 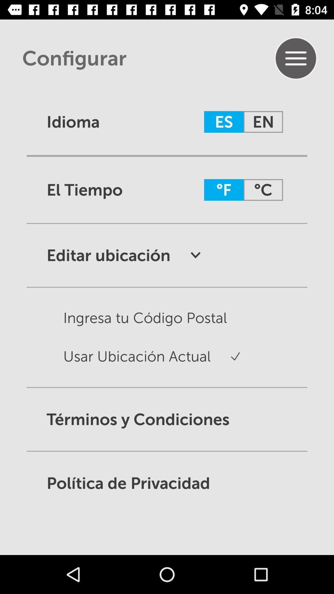 I want to click on drop down symbol after editar ubicacion, so click(x=185, y=255).